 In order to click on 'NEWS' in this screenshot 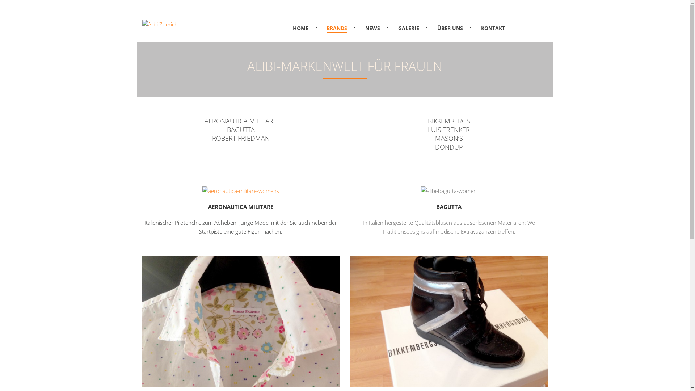, I will do `click(372, 28)`.